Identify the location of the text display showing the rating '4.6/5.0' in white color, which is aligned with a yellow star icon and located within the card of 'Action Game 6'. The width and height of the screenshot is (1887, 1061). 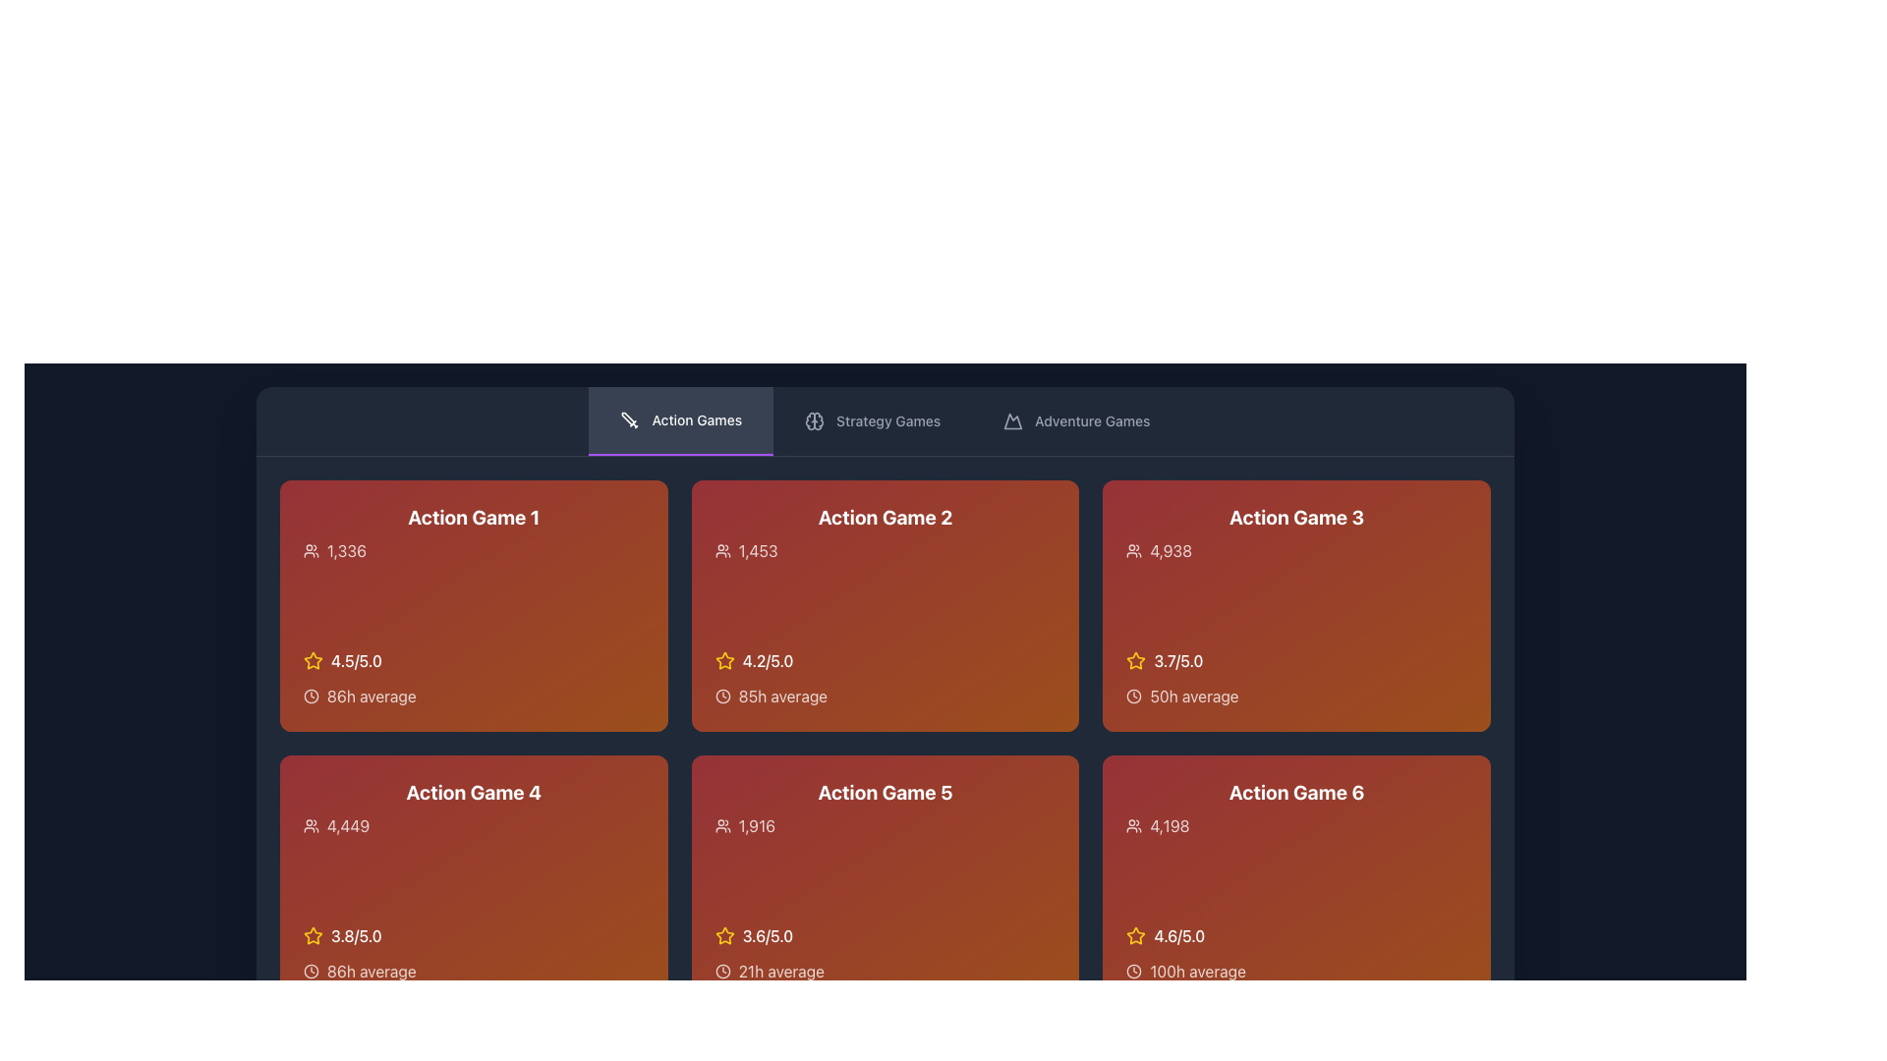
(1179, 934).